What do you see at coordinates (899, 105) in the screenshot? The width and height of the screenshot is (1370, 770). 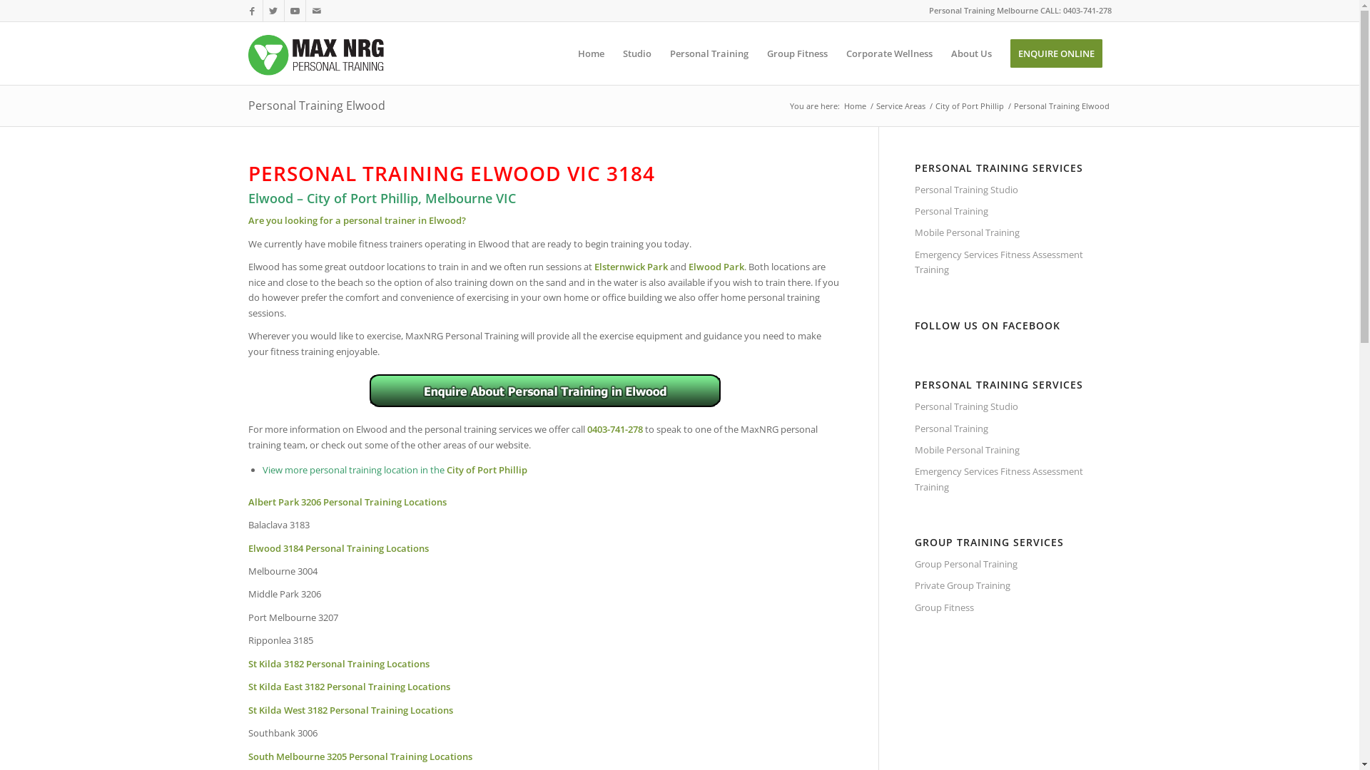 I see `'Service Areas'` at bounding box center [899, 105].